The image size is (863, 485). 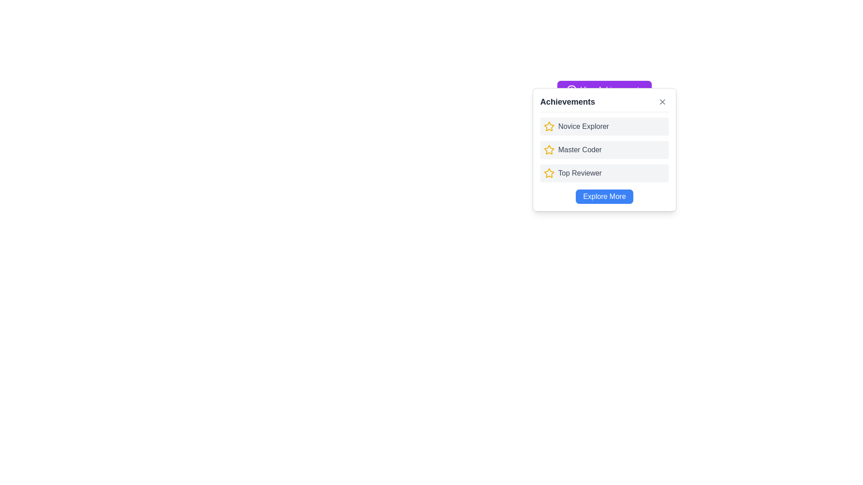 What do you see at coordinates (604, 90) in the screenshot?
I see `the achievements button located at the top of the pop-up card interface, directly above the title 'Achievements'` at bounding box center [604, 90].